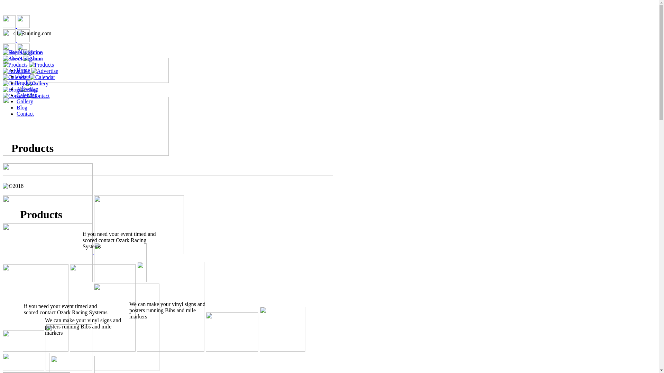  What do you see at coordinates (17, 76) in the screenshot?
I see `'About'` at bounding box center [17, 76].